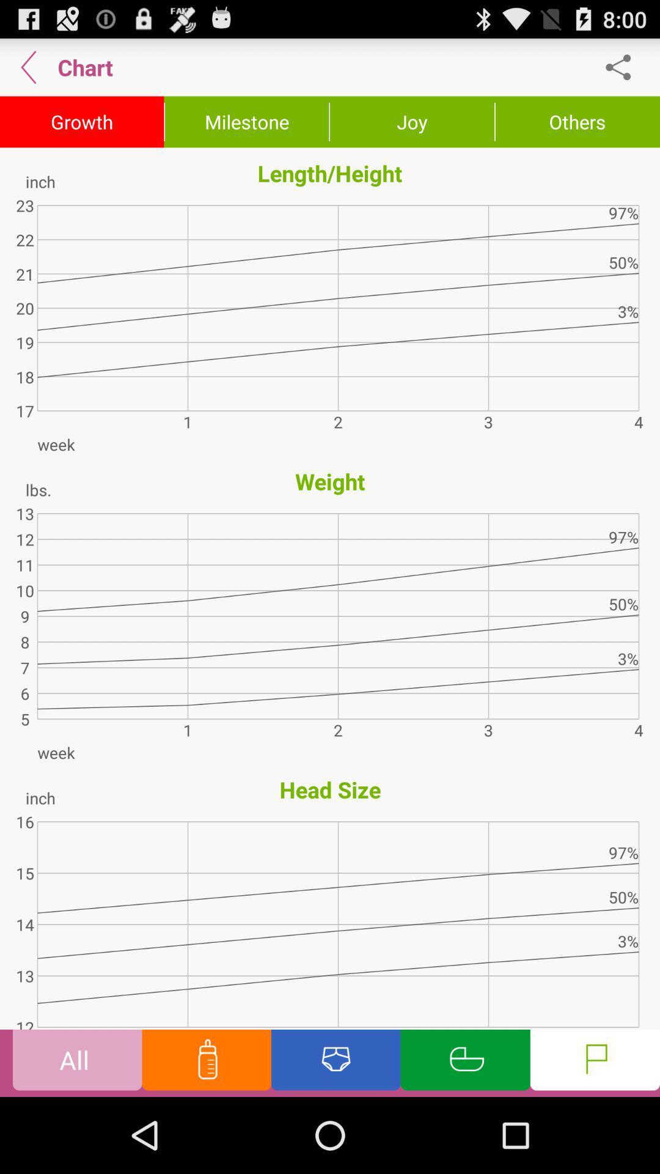 This screenshot has height=1174, width=660. What do you see at coordinates (625, 72) in the screenshot?
I see `the share icon` at bounding box center [625, 72].